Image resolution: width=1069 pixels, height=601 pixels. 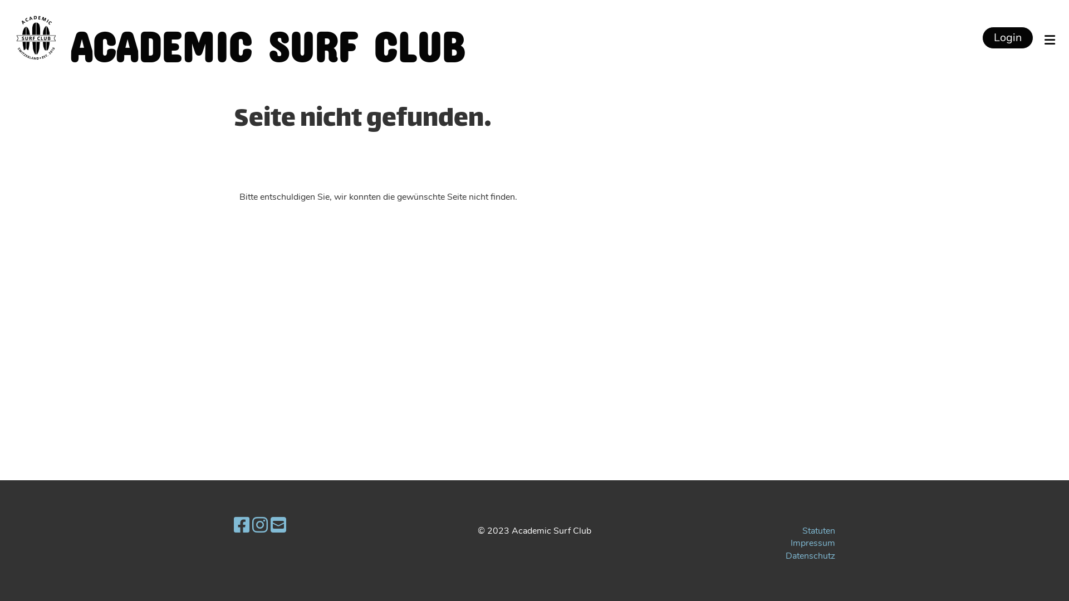 I want to click on 'Login', so click(x=1007, y=37).